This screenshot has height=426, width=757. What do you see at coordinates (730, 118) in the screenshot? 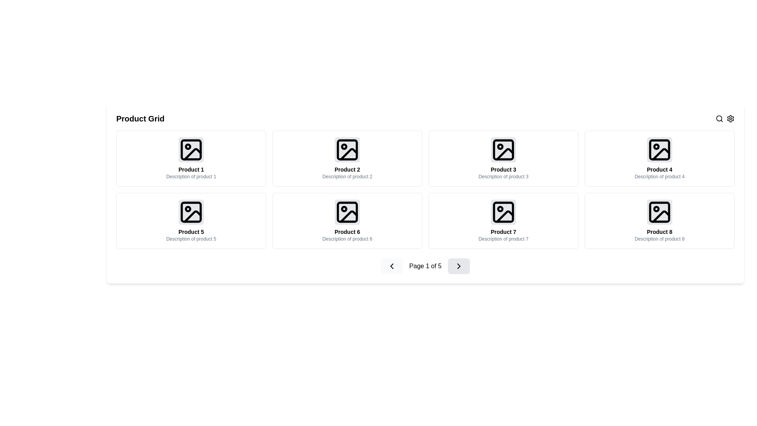
I see `the gear icon located in the top right corner of the interface` at bounding box center [730, 118].